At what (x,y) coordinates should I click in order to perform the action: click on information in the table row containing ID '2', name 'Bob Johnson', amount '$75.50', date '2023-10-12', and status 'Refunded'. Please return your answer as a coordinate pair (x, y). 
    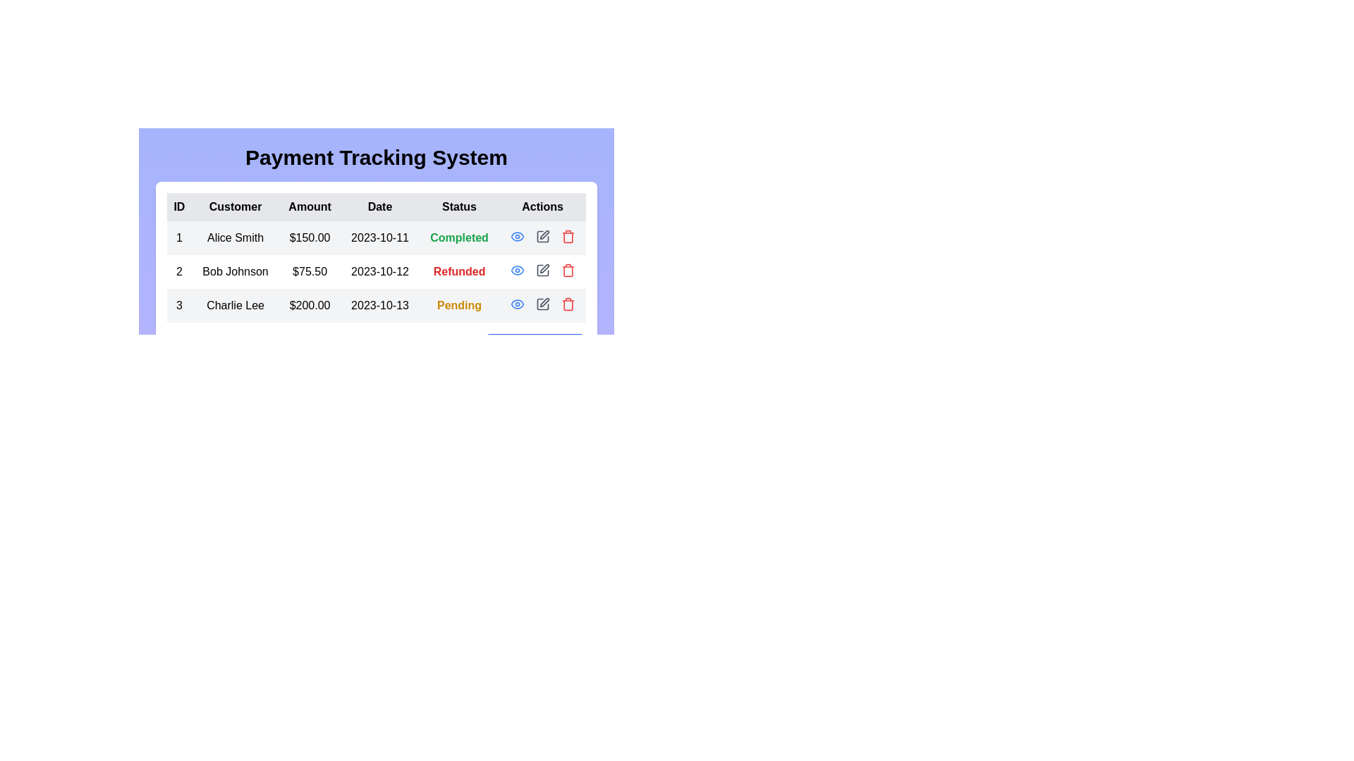
    Looking at the image, I should click on (376, 271).